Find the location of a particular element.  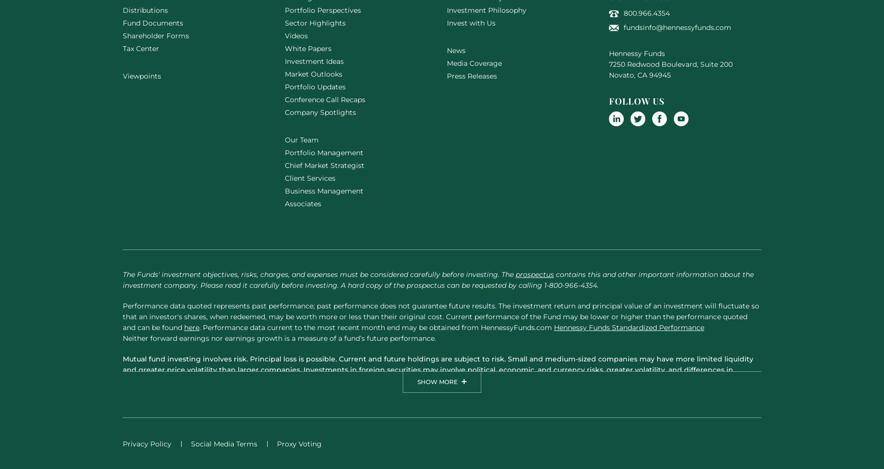

'CA' is located at coordinates (642, 74).